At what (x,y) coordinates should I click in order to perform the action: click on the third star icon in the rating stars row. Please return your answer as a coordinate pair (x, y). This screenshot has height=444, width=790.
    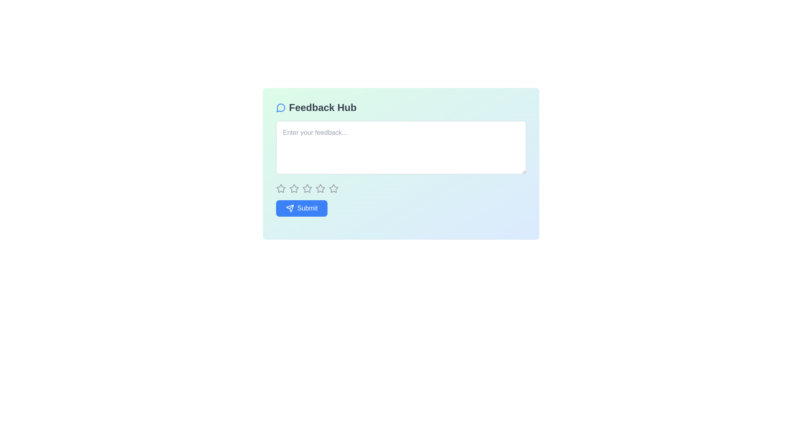
    Looking at the image, I should click on (307, 189).